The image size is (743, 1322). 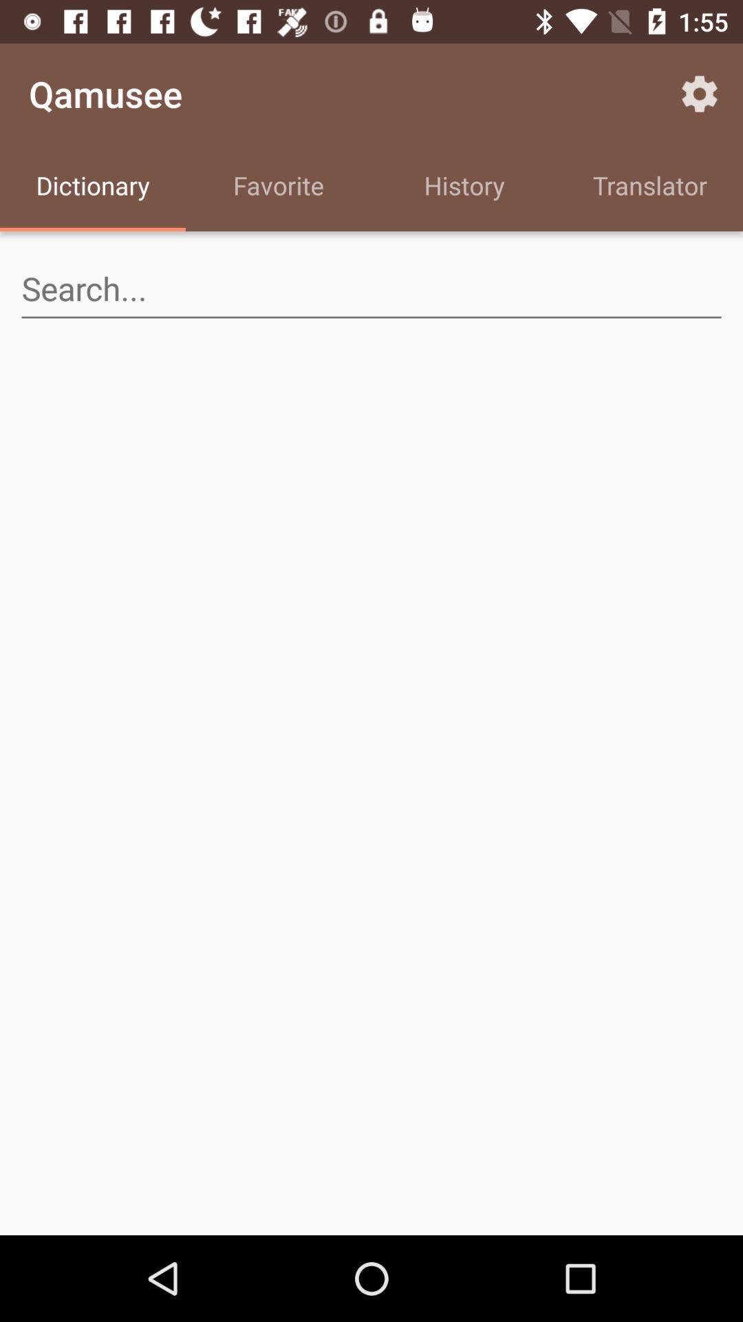 What do you see at coordinates (93, 187) in the screenshot?
I see `the dictionary` at bounding box center [93, 187].